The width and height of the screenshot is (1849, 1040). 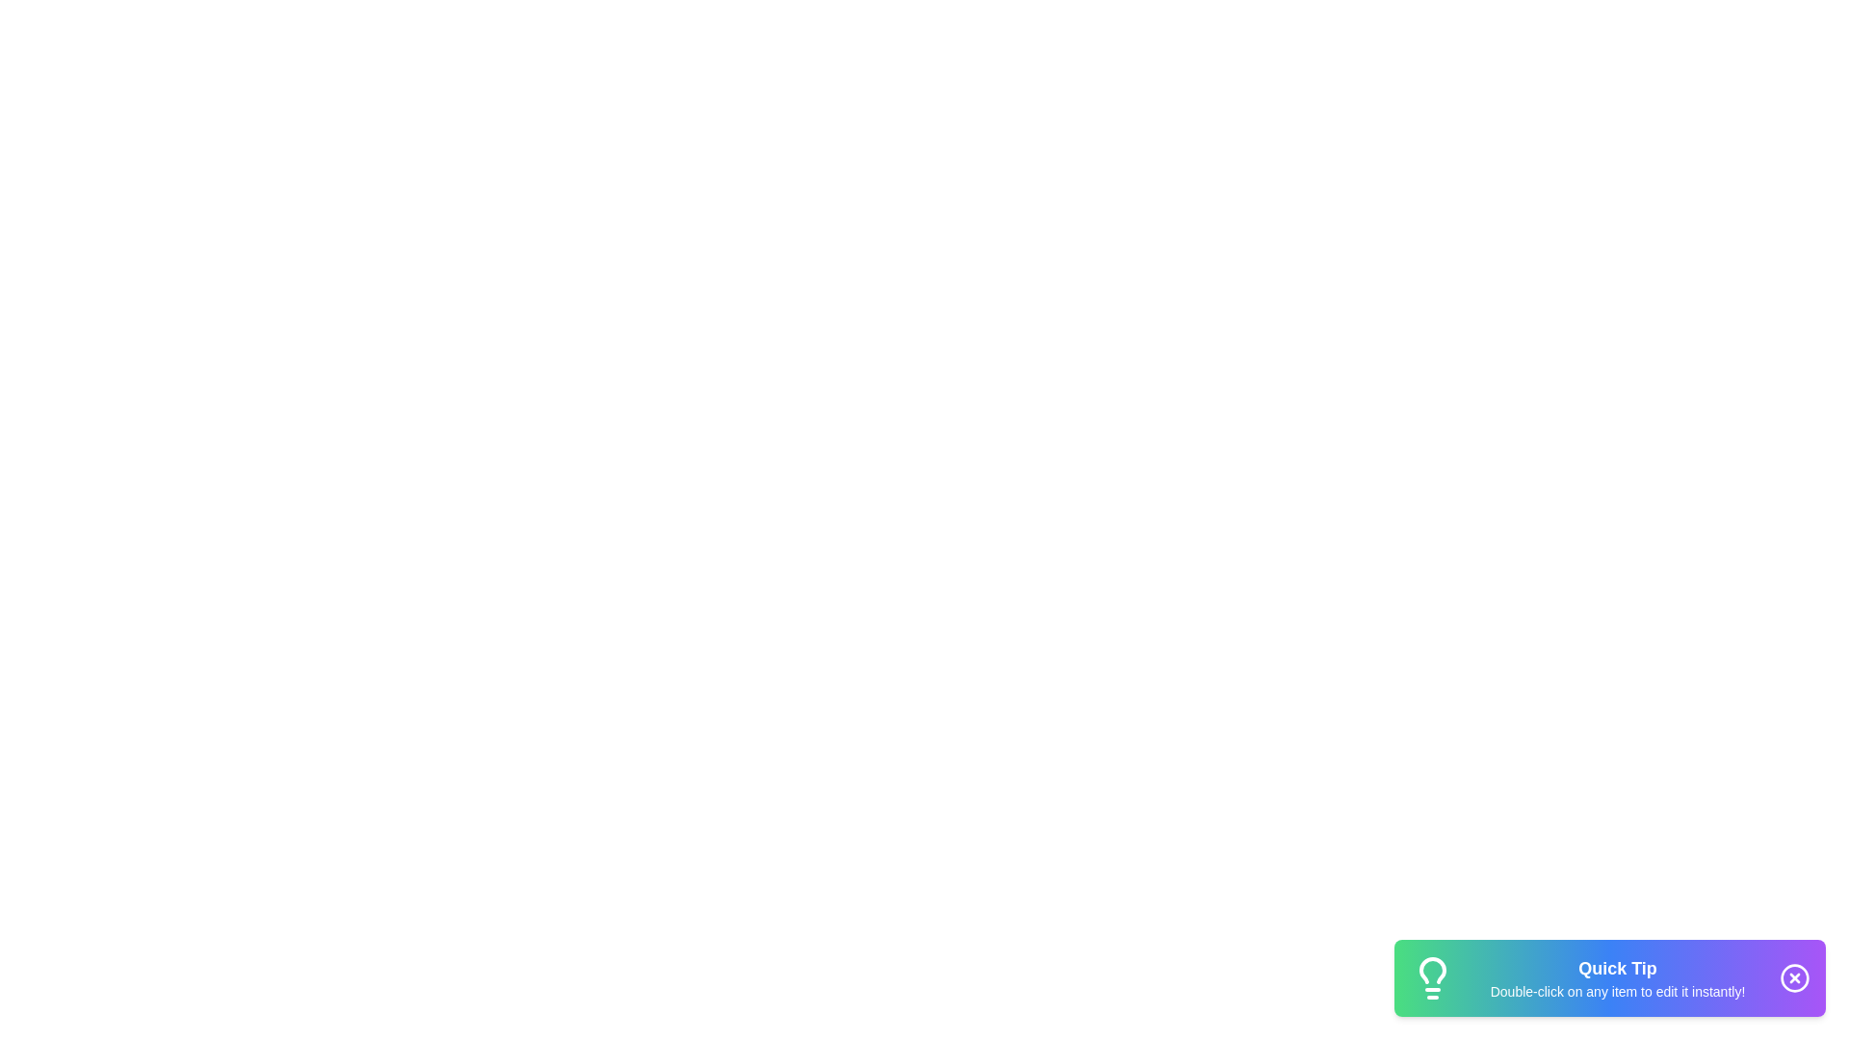 I want to click on the text area to simulate editing or interaction, so click(x=1618, y=977).